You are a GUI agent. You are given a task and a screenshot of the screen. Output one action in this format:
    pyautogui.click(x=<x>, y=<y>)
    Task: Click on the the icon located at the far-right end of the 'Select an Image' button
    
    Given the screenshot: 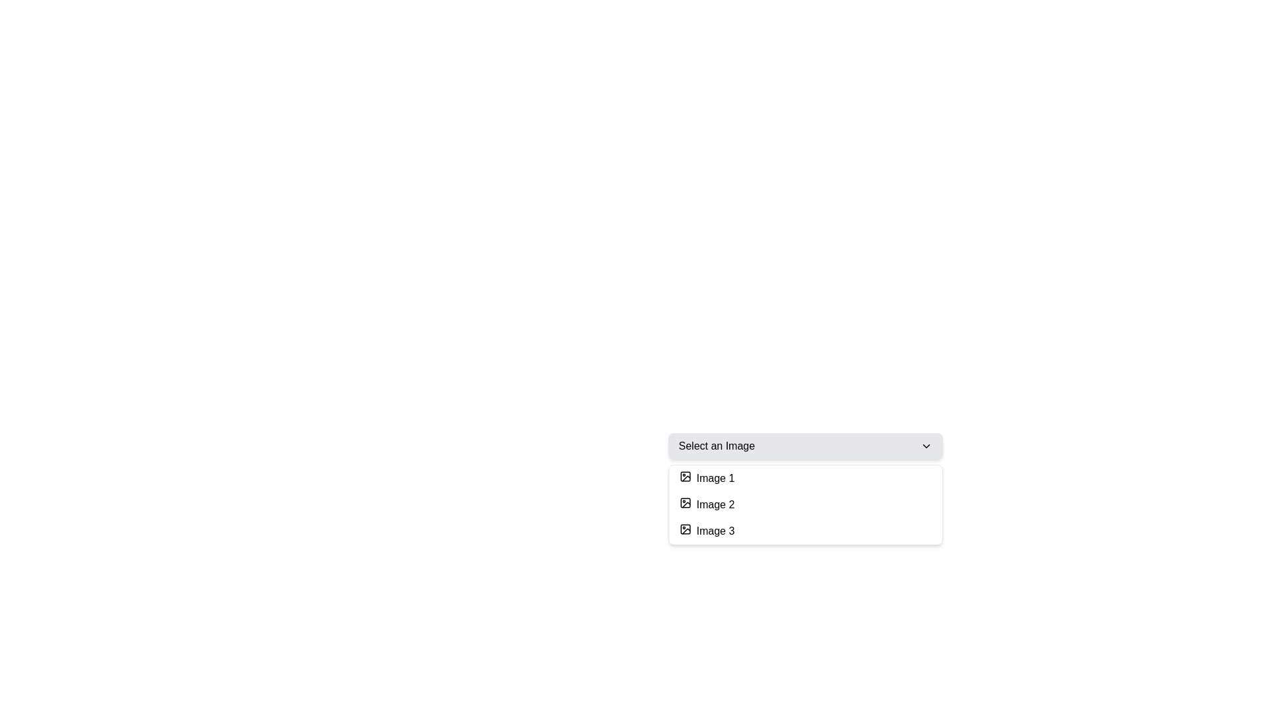 What is the action you would take?
    pyautogui.click(x=925, y=446)
    